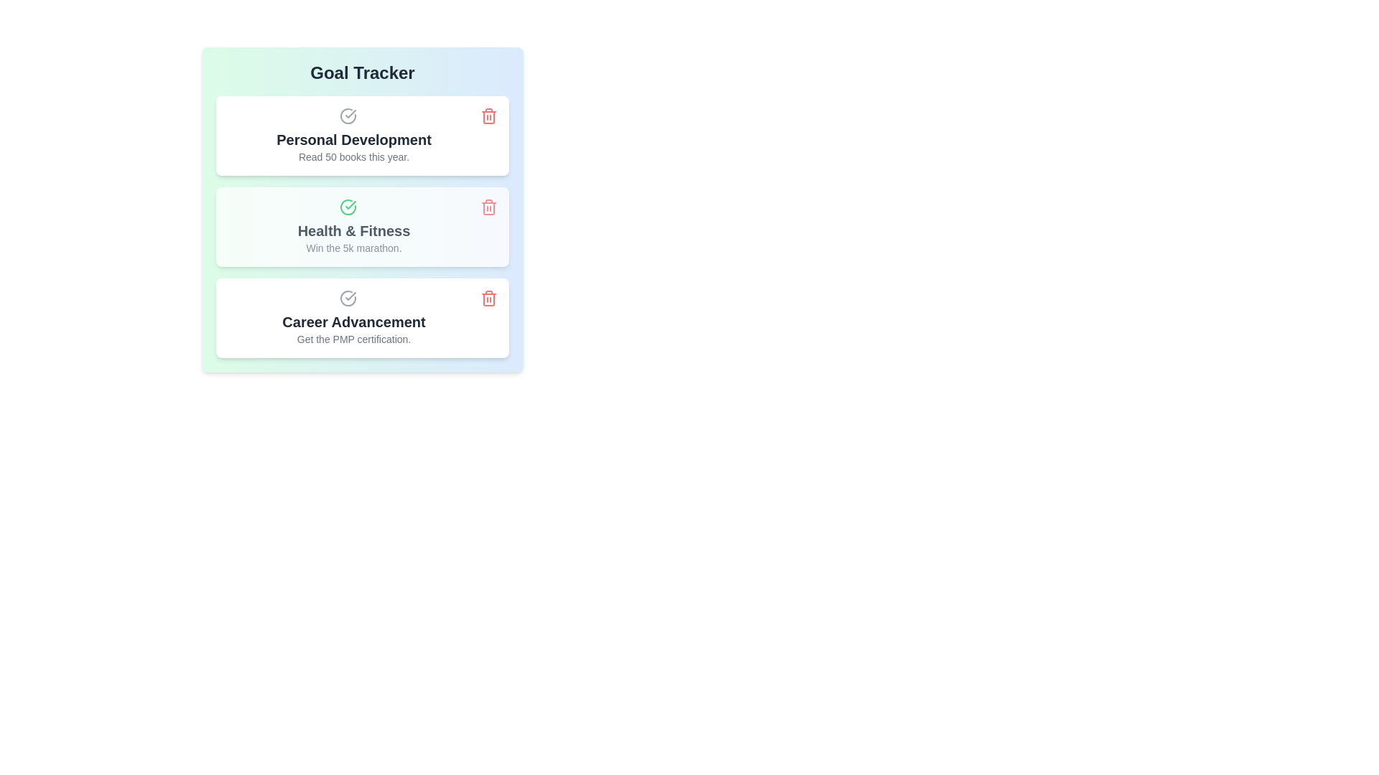 The width and height of the screenshot is (1379, 775). What do you see at coordinates (489, 298) in the screenshot?
I see `the delete button for the goal titled 'Career Advancement'` at bounding box center [489, 298].